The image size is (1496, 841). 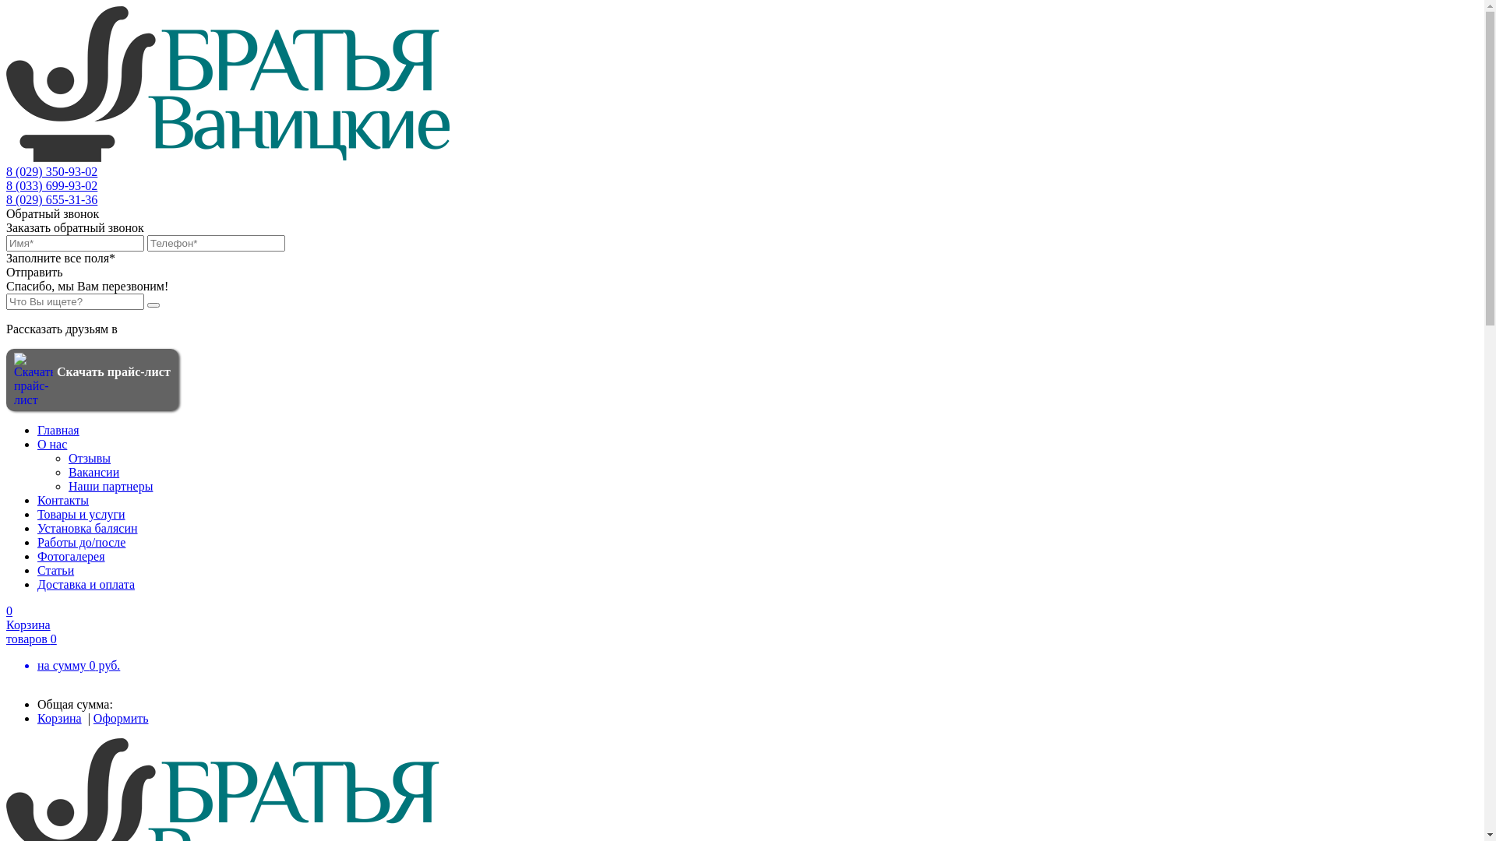 I want to click on '8 (029) 655-31-36', so click(x=51, y=199).